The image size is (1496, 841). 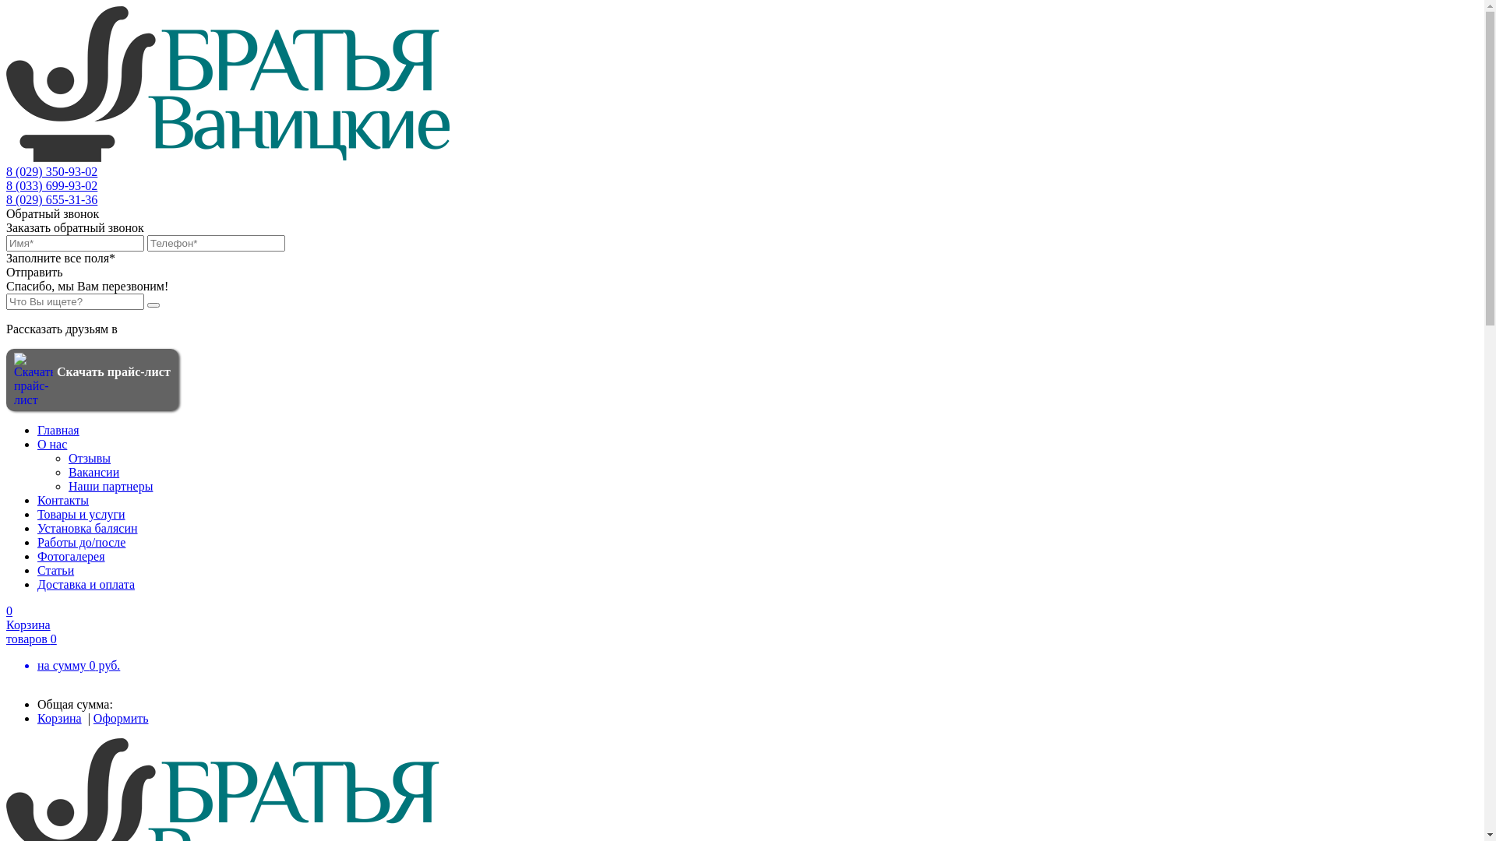 I want to click on '8 (029) 655-31-36', so click(x=51, y=199).